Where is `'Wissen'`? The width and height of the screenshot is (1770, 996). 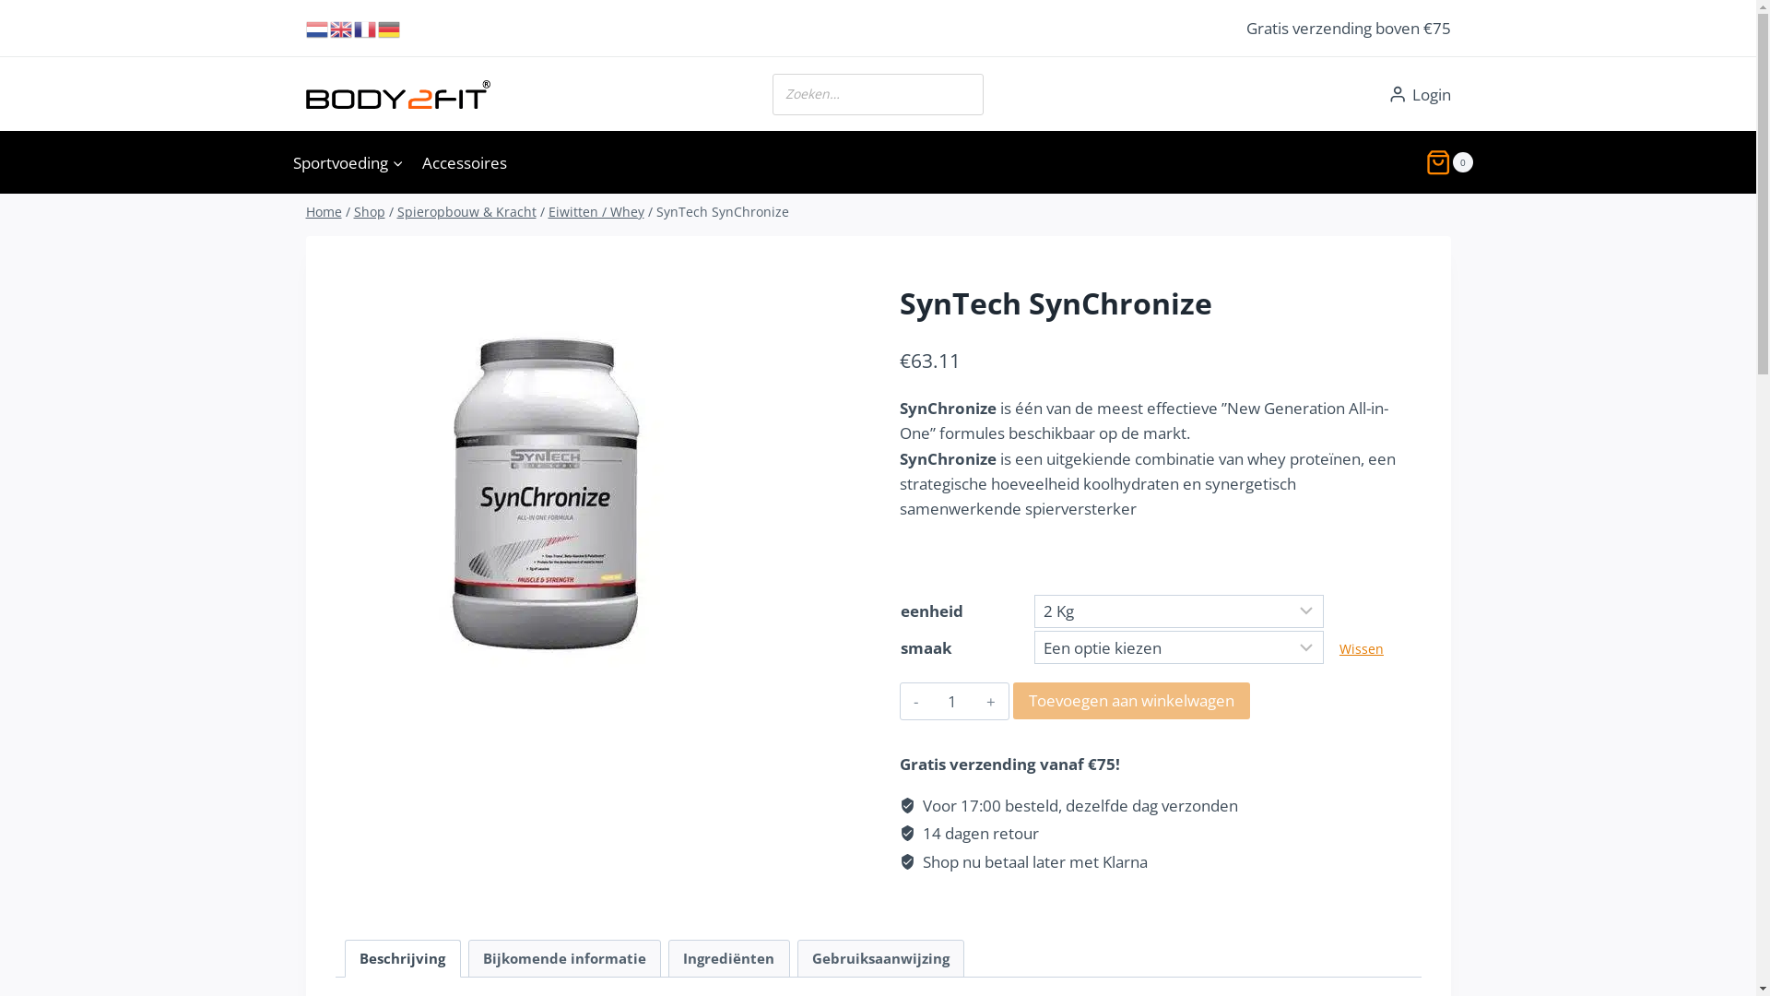
'Wissen' is located at coordinates (1339, 647).